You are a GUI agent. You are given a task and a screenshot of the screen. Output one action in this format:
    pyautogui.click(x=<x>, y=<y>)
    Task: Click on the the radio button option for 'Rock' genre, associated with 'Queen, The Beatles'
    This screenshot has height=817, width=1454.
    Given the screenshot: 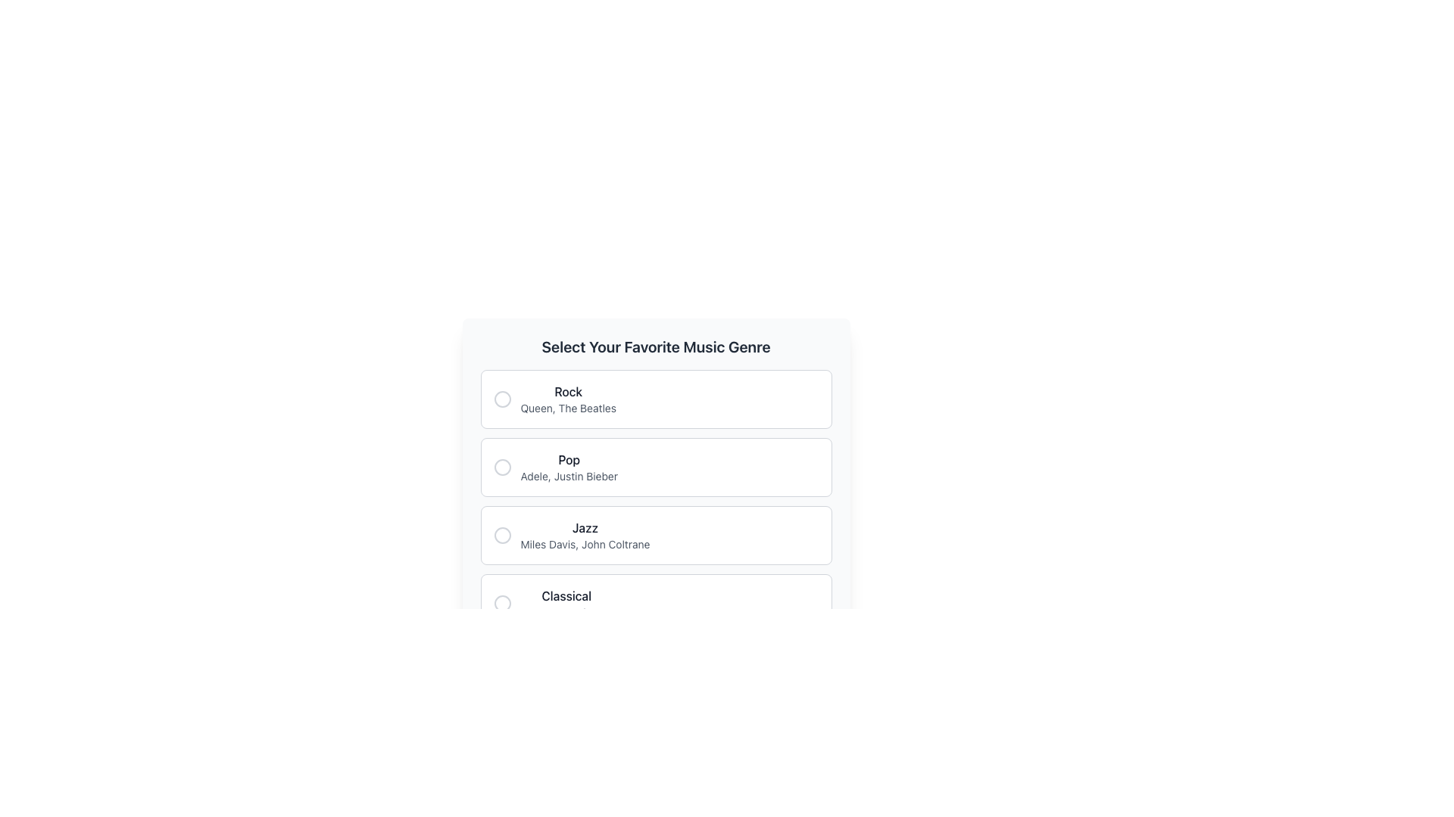 What is the action you would take?
    pyautogui.click(x=656, y=399)
    